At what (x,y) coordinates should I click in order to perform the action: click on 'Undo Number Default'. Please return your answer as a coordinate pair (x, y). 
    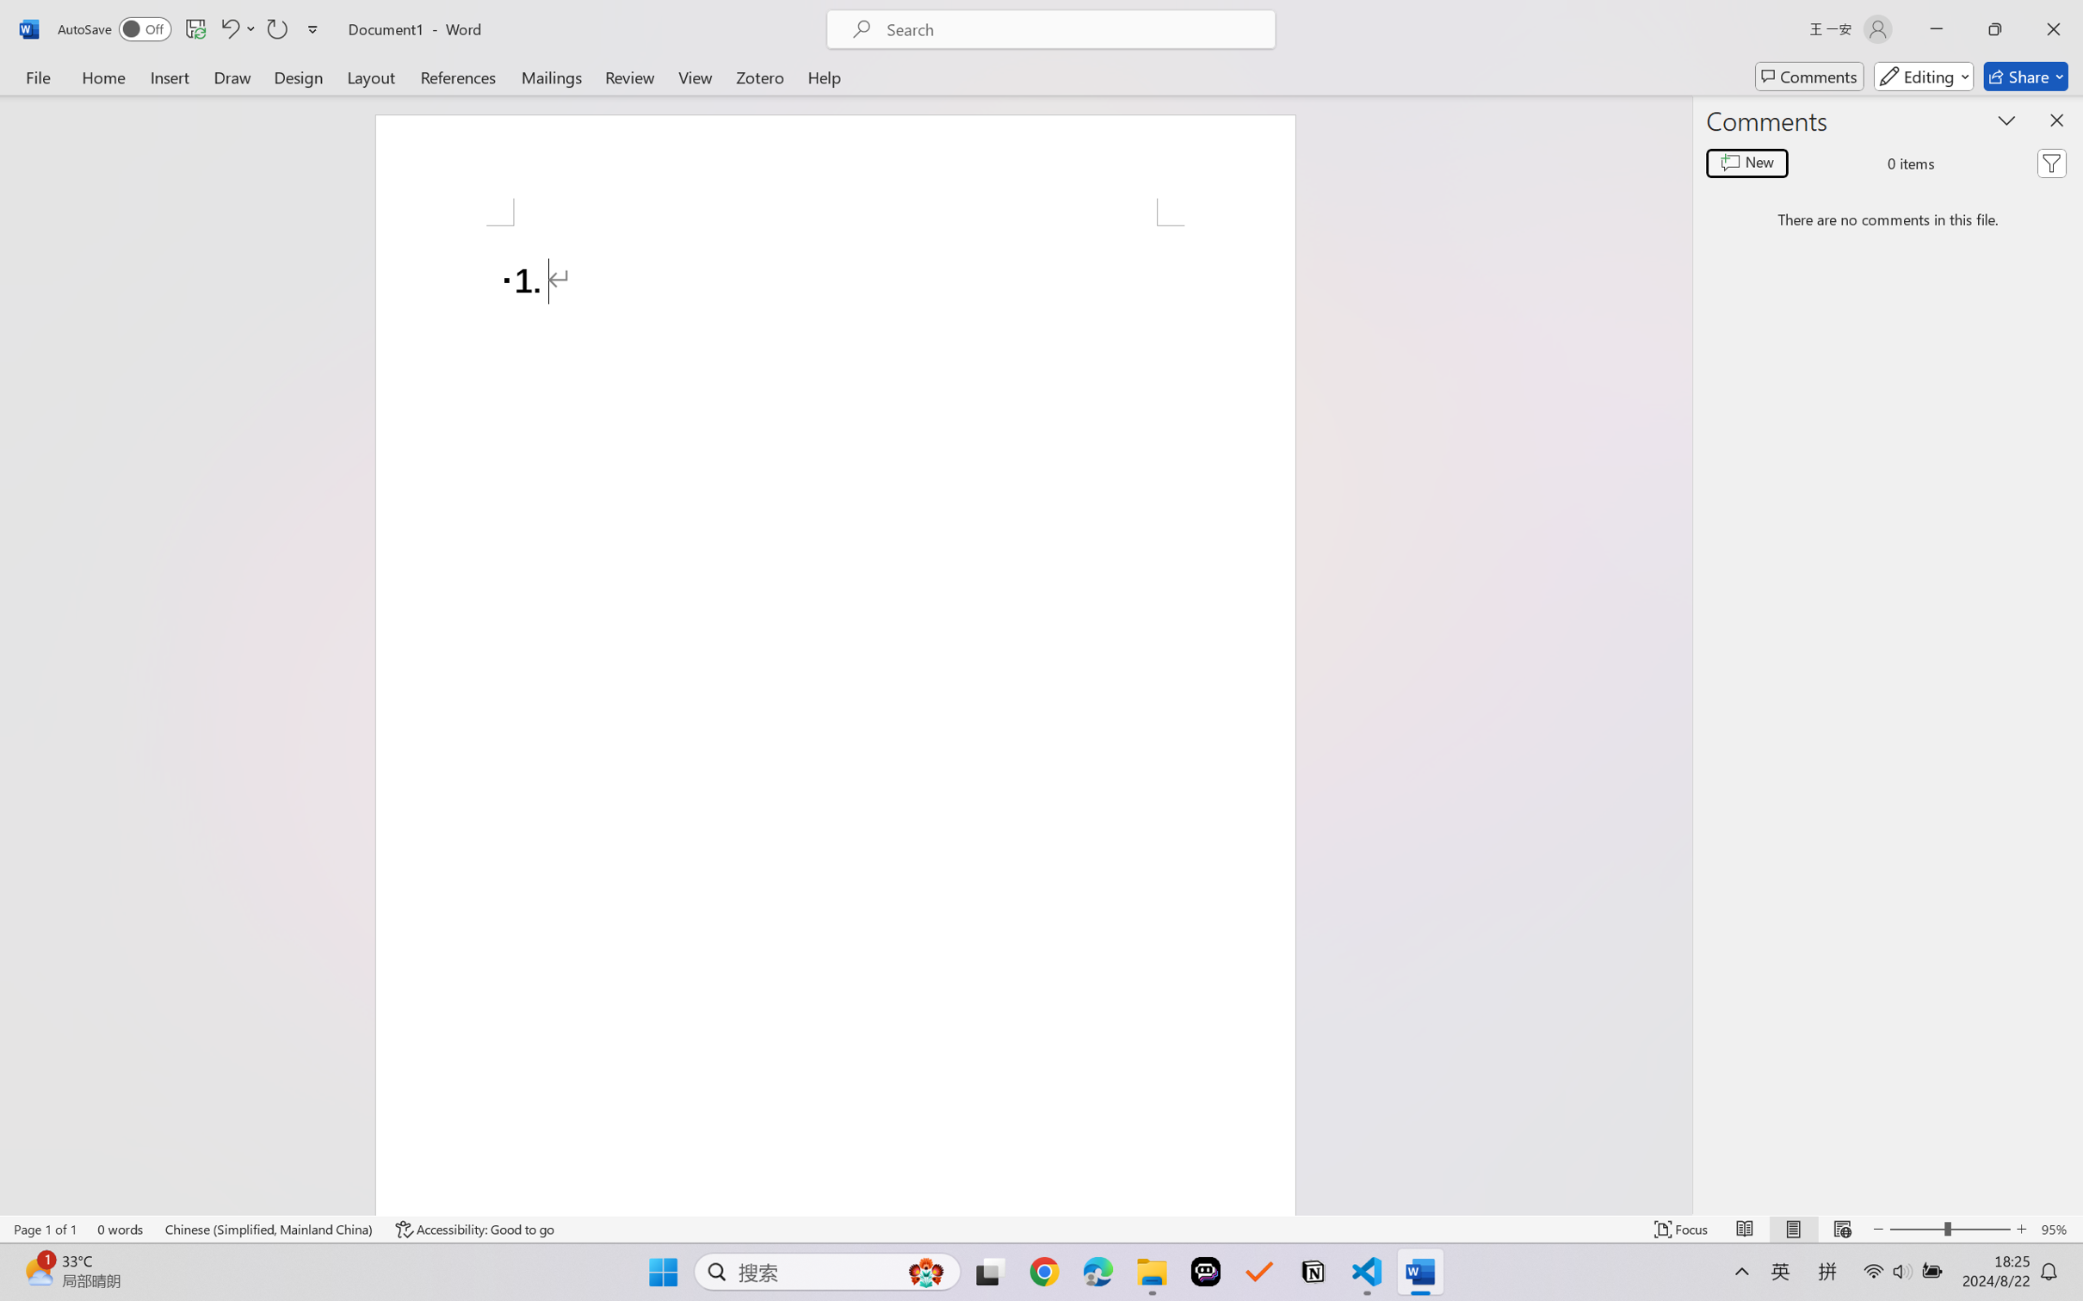
    Looking at the image, I should click on (228, 28).